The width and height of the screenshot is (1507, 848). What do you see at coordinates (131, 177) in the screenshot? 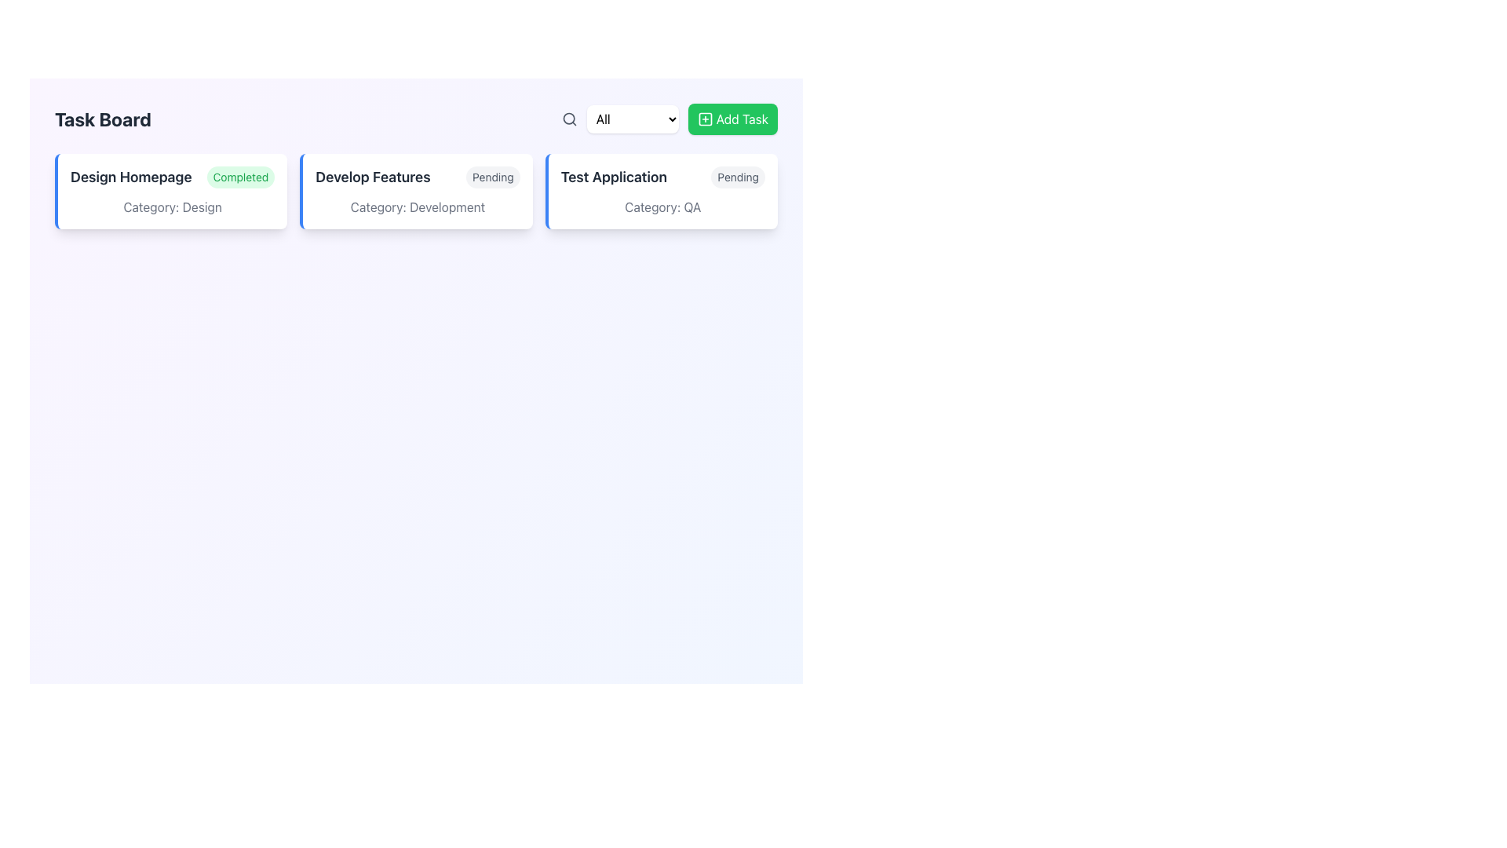
I see `the task title label located at the top-left corner of the task card` at bounding box center [131, 177].